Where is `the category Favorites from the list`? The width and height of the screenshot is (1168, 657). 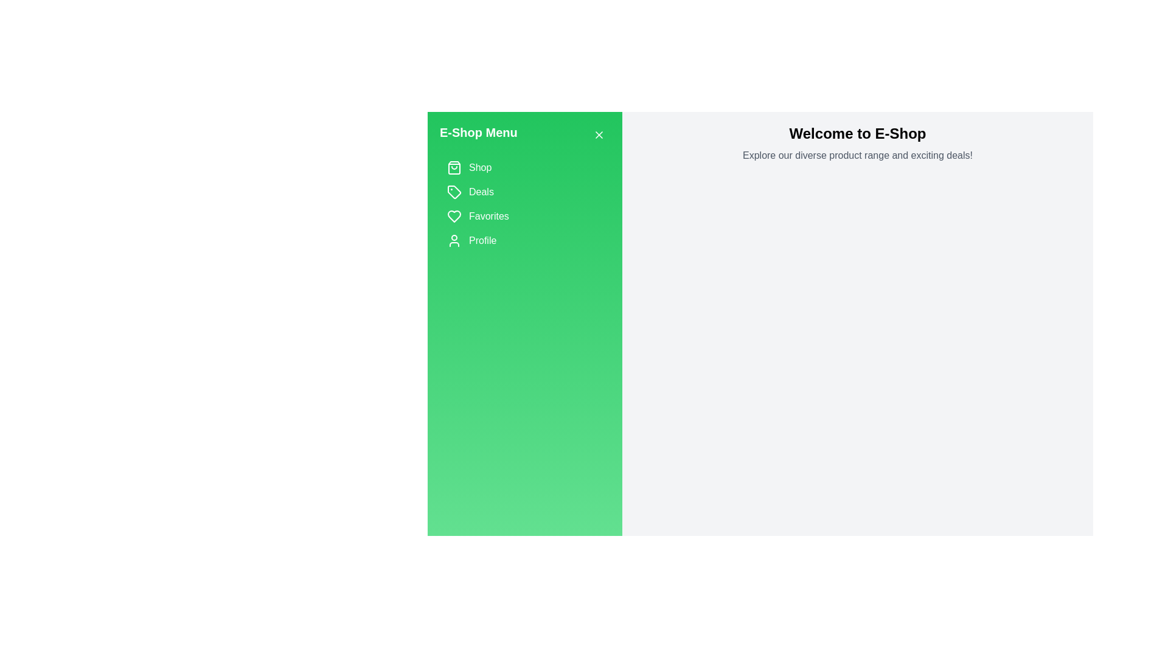 the category Favorites from the list is located at coordinates (525, 215).